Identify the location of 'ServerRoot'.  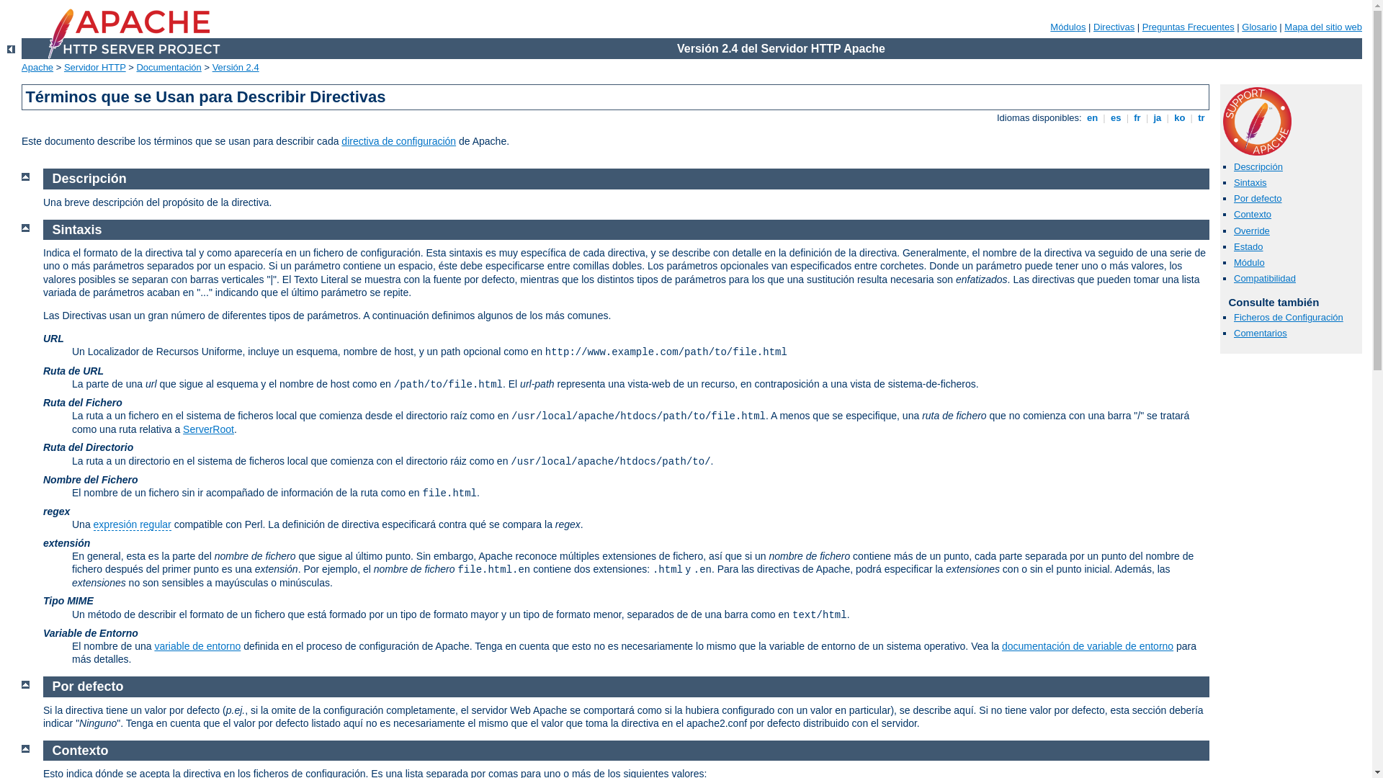
(207, 429).